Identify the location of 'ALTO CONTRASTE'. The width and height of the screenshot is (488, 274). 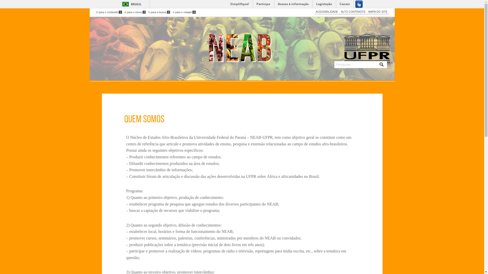
(353, 11).